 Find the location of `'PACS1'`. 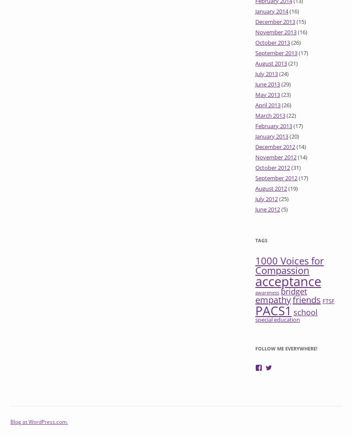

'PACS1' is located at coordinates (274, 310).